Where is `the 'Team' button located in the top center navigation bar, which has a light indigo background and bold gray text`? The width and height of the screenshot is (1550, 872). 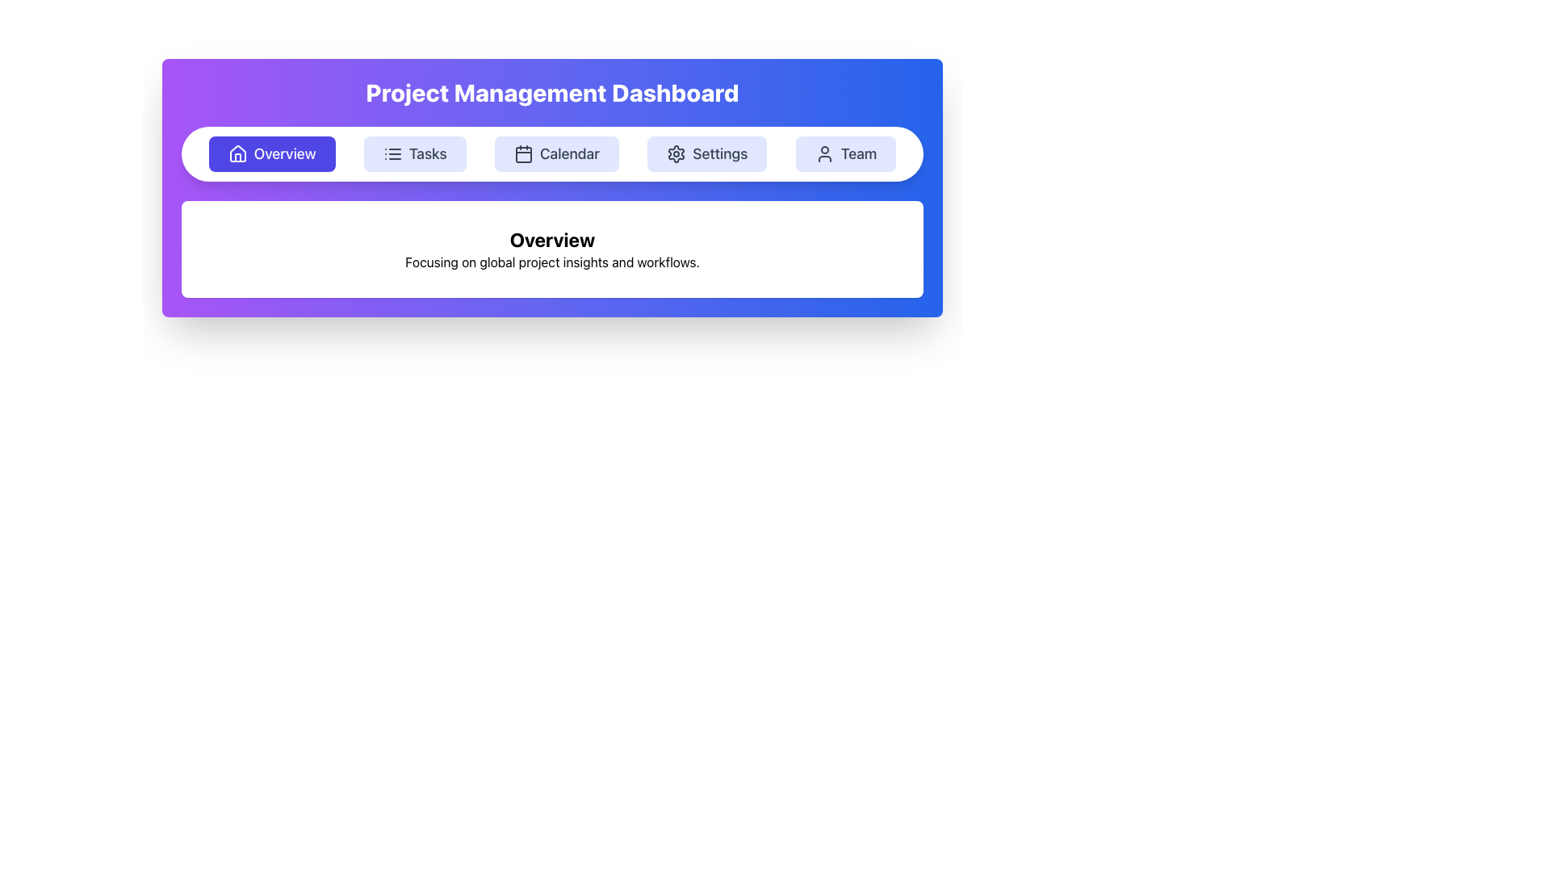
the 'Team' button located in the top center navigation bar, which has a light indigo background and bold gray text is located at coordinates (845, 154).